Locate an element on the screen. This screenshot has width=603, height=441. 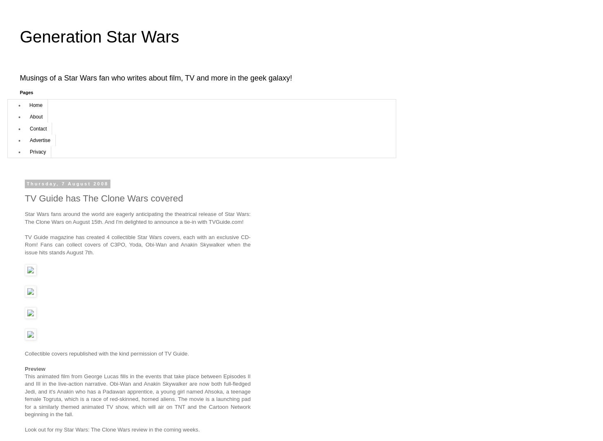
'Preview' is located at coordinates (34, 368).